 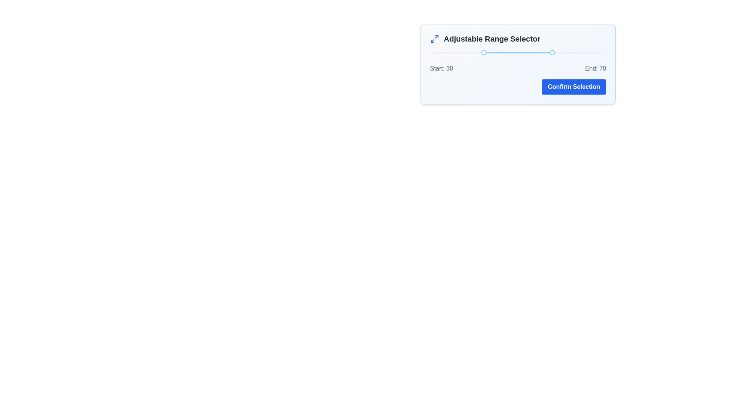 What do you see at coordinates (552, 52) in the screenshot?
I see `the circular blue slider handle located at 70% of the track length, aligned with the label 'End: 70'` at bounding box center [552, 52].